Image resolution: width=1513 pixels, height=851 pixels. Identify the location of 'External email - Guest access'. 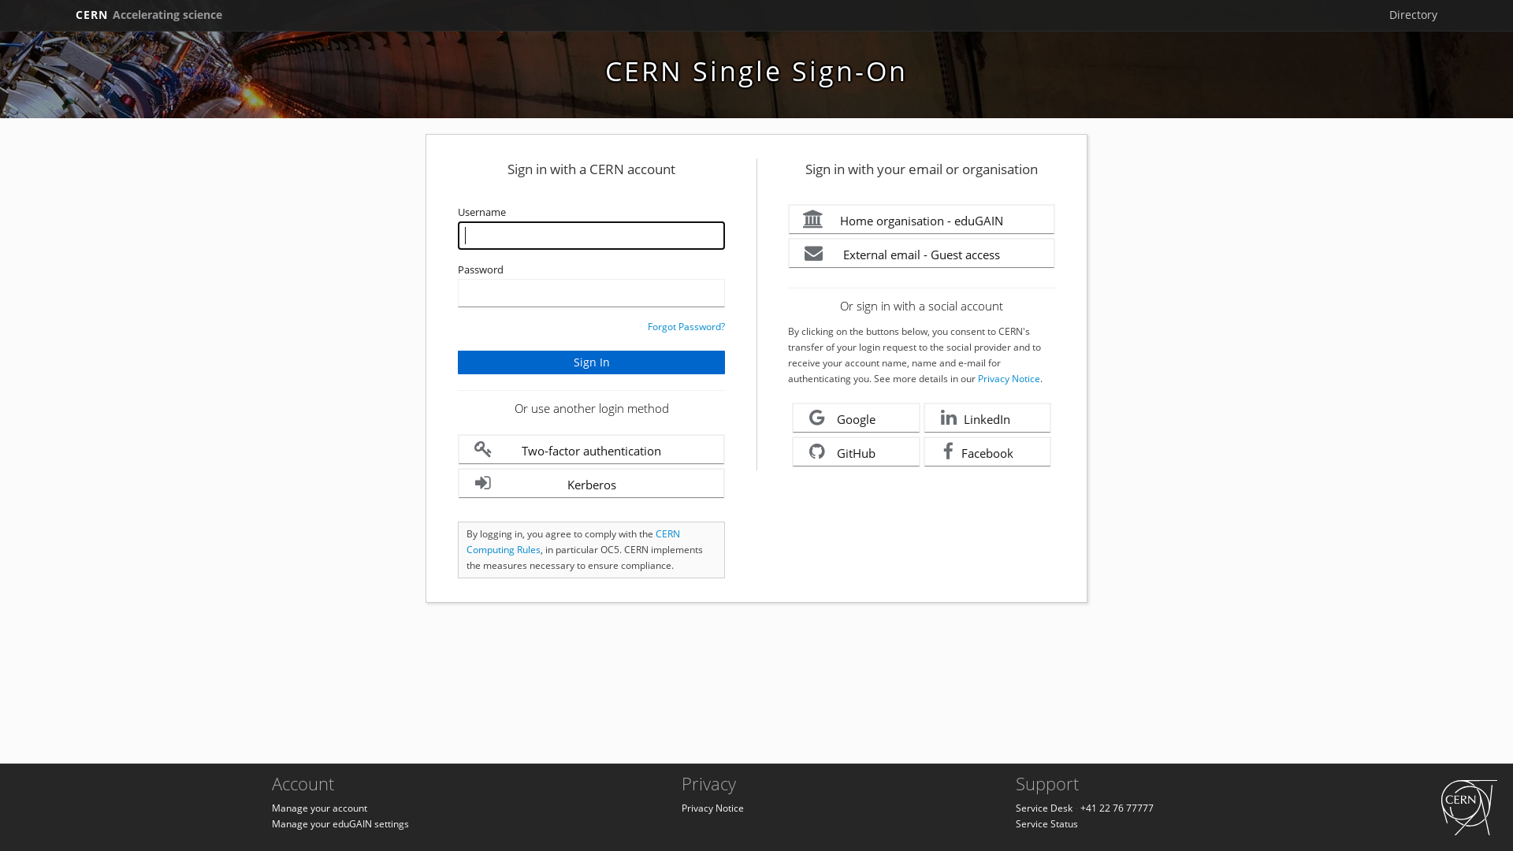
(921, 252).